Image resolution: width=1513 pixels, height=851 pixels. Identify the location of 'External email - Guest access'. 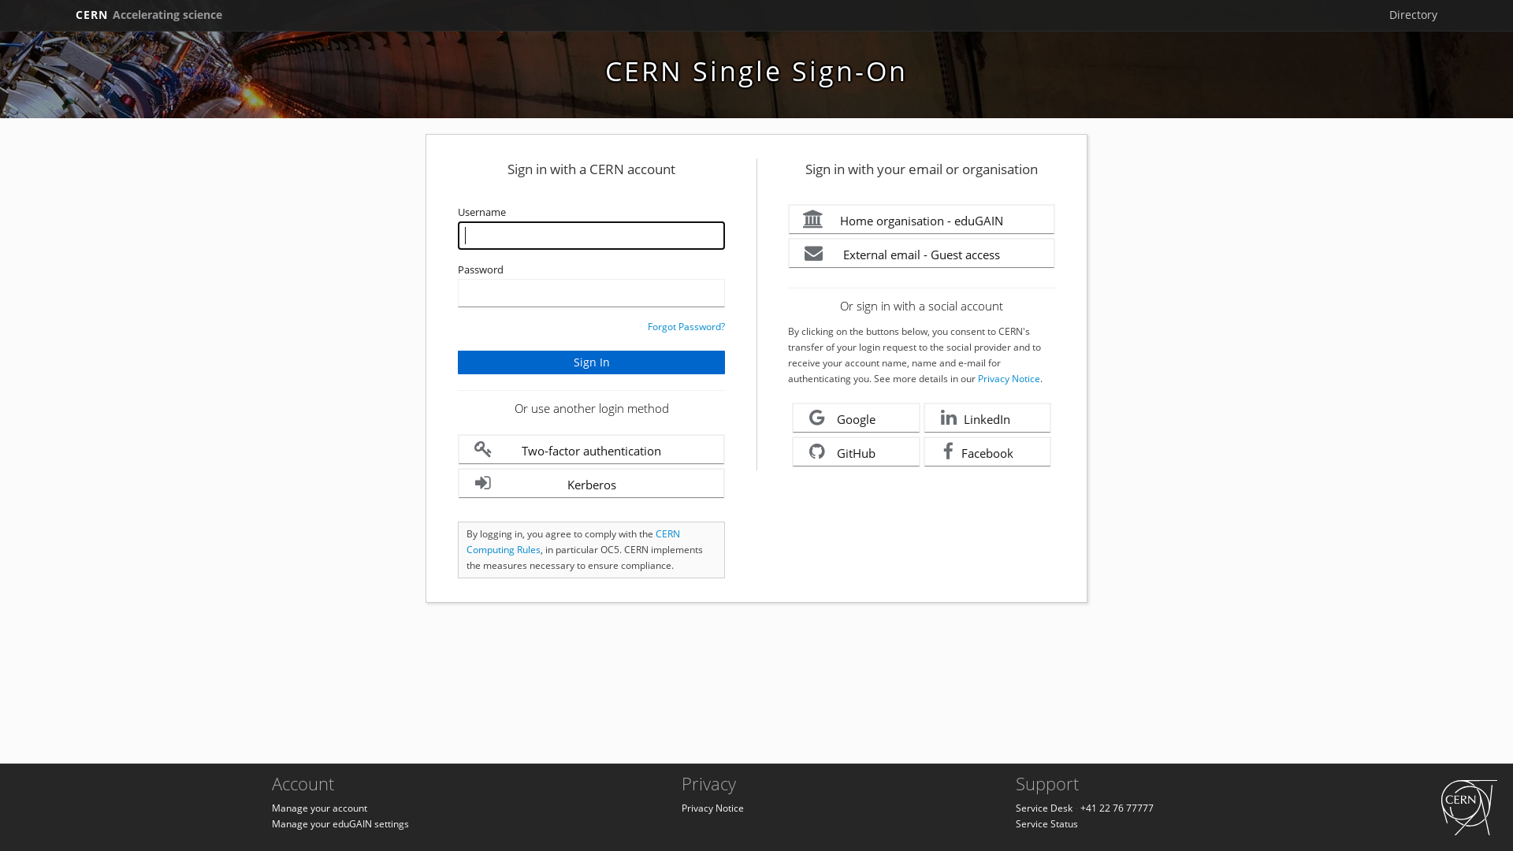
(921, 252).